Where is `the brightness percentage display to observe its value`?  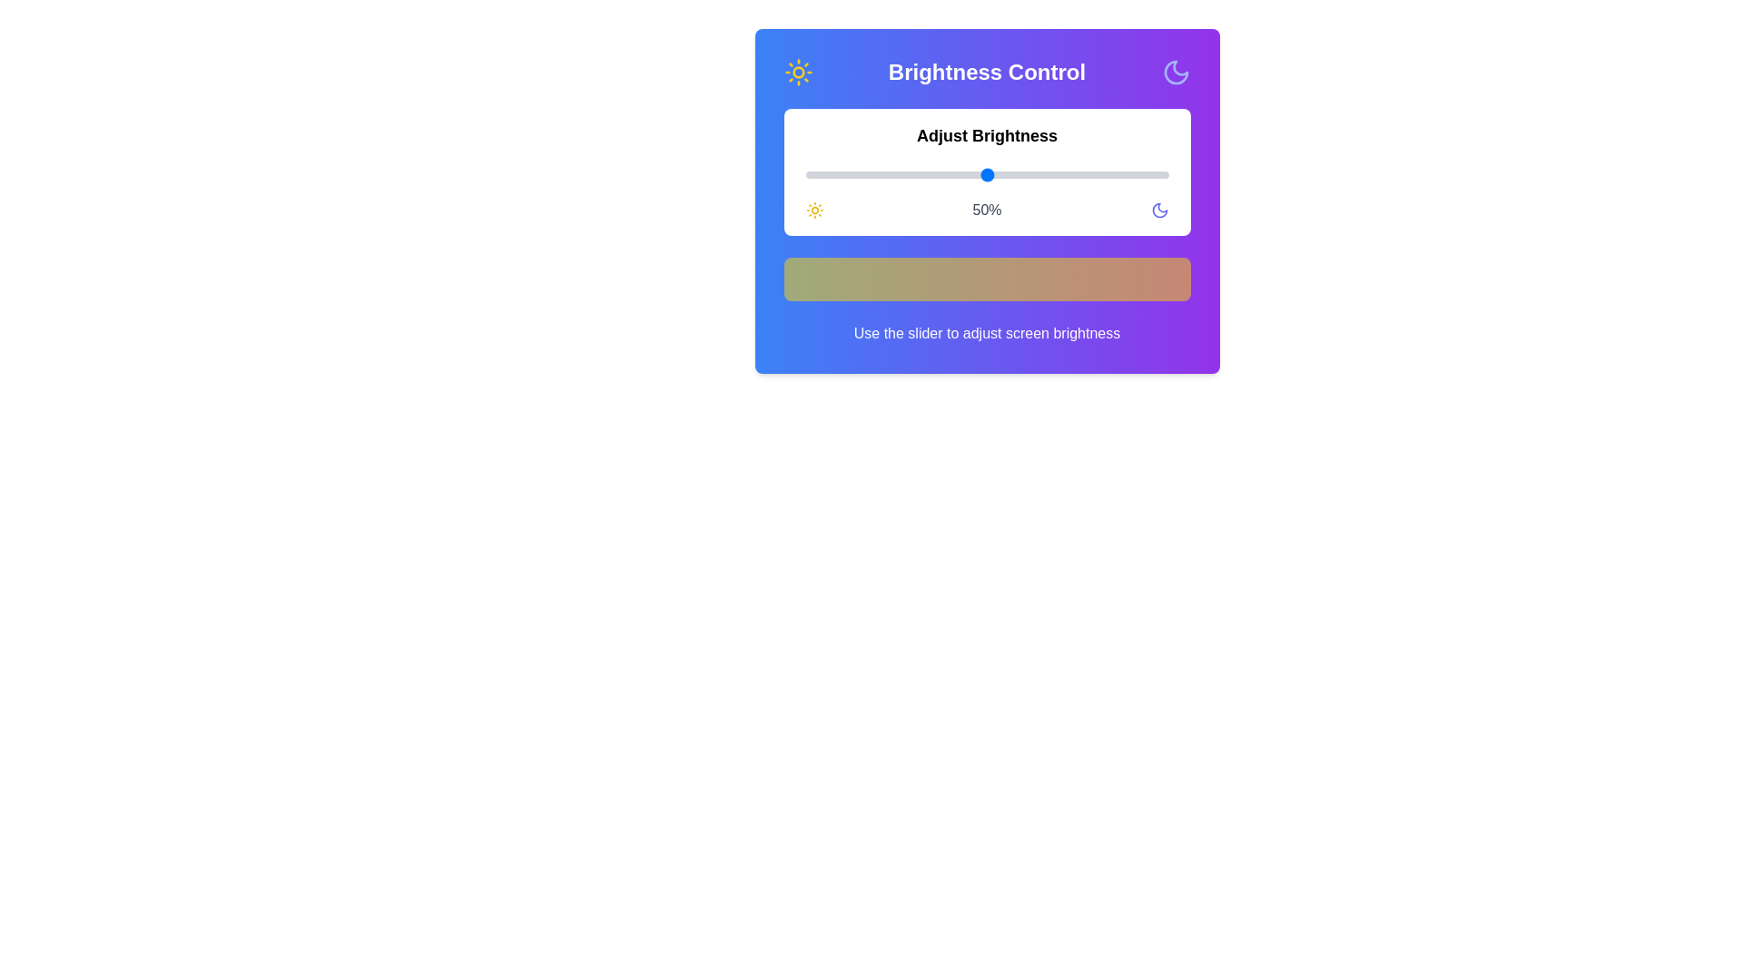
the brightness percentage display to observe its value is located at coordinates (986, 209).